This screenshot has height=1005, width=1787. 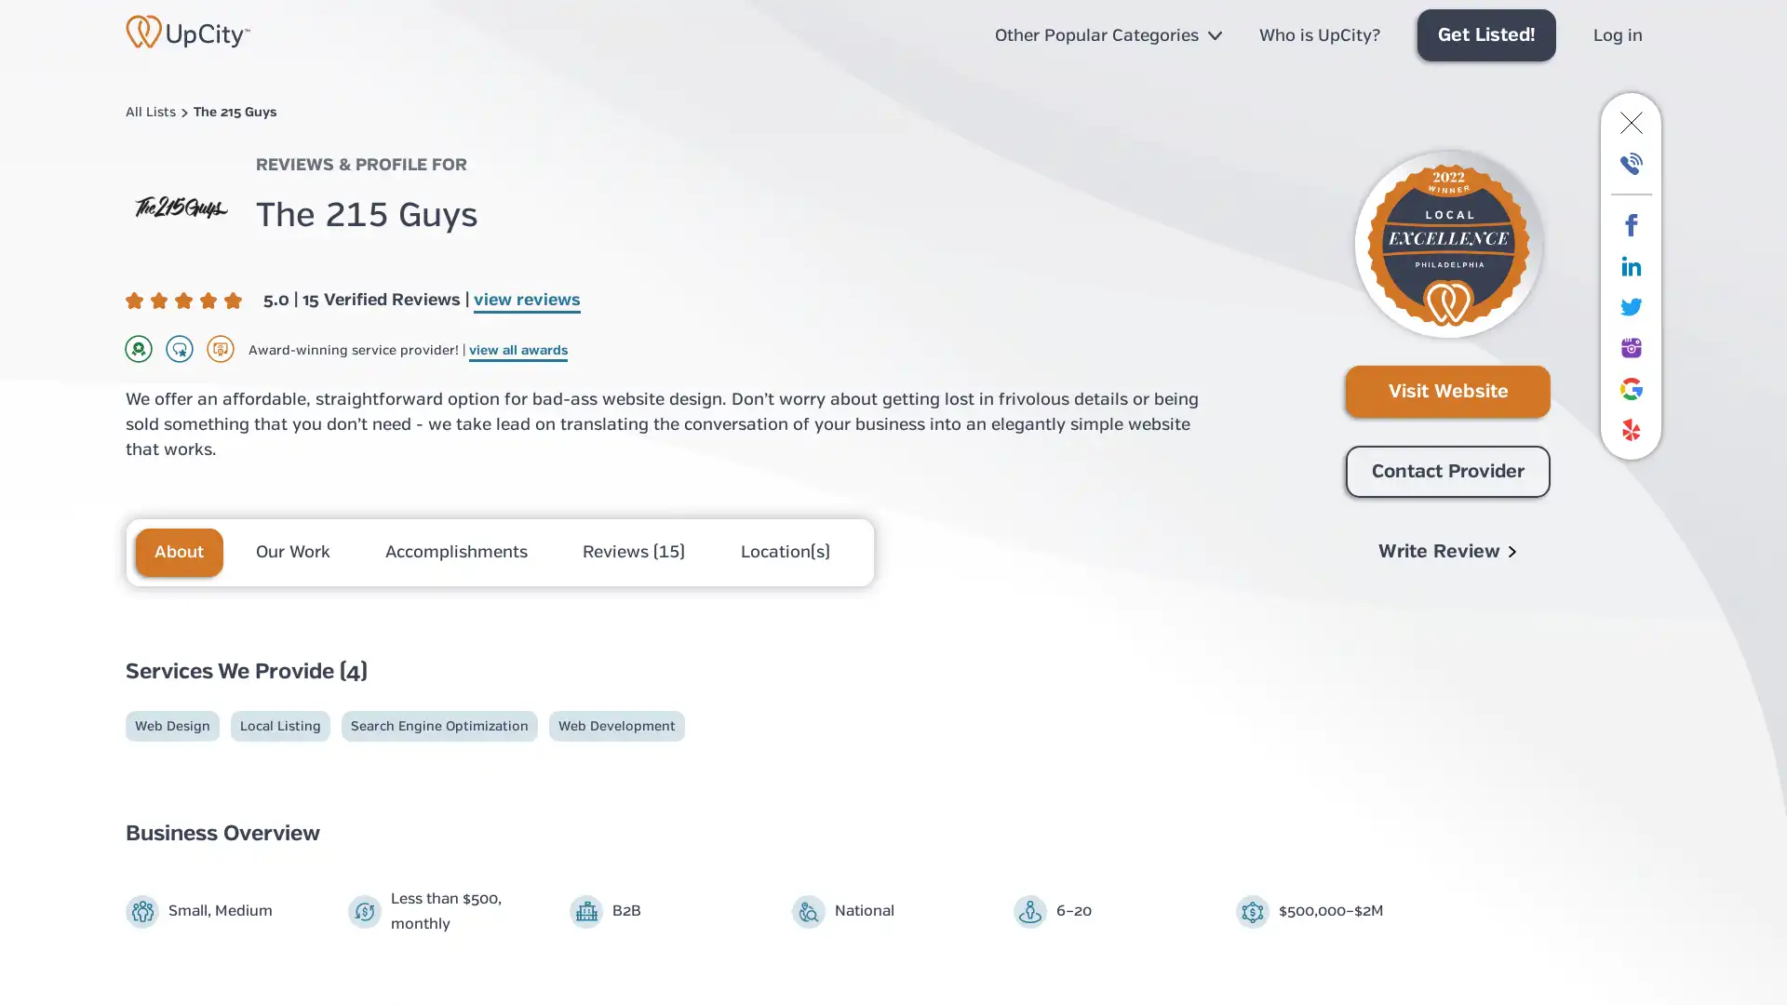 What do you see at coordinates (293, 551) in the screenshot?
I see `Our Work` at bounding box center [293, 551].